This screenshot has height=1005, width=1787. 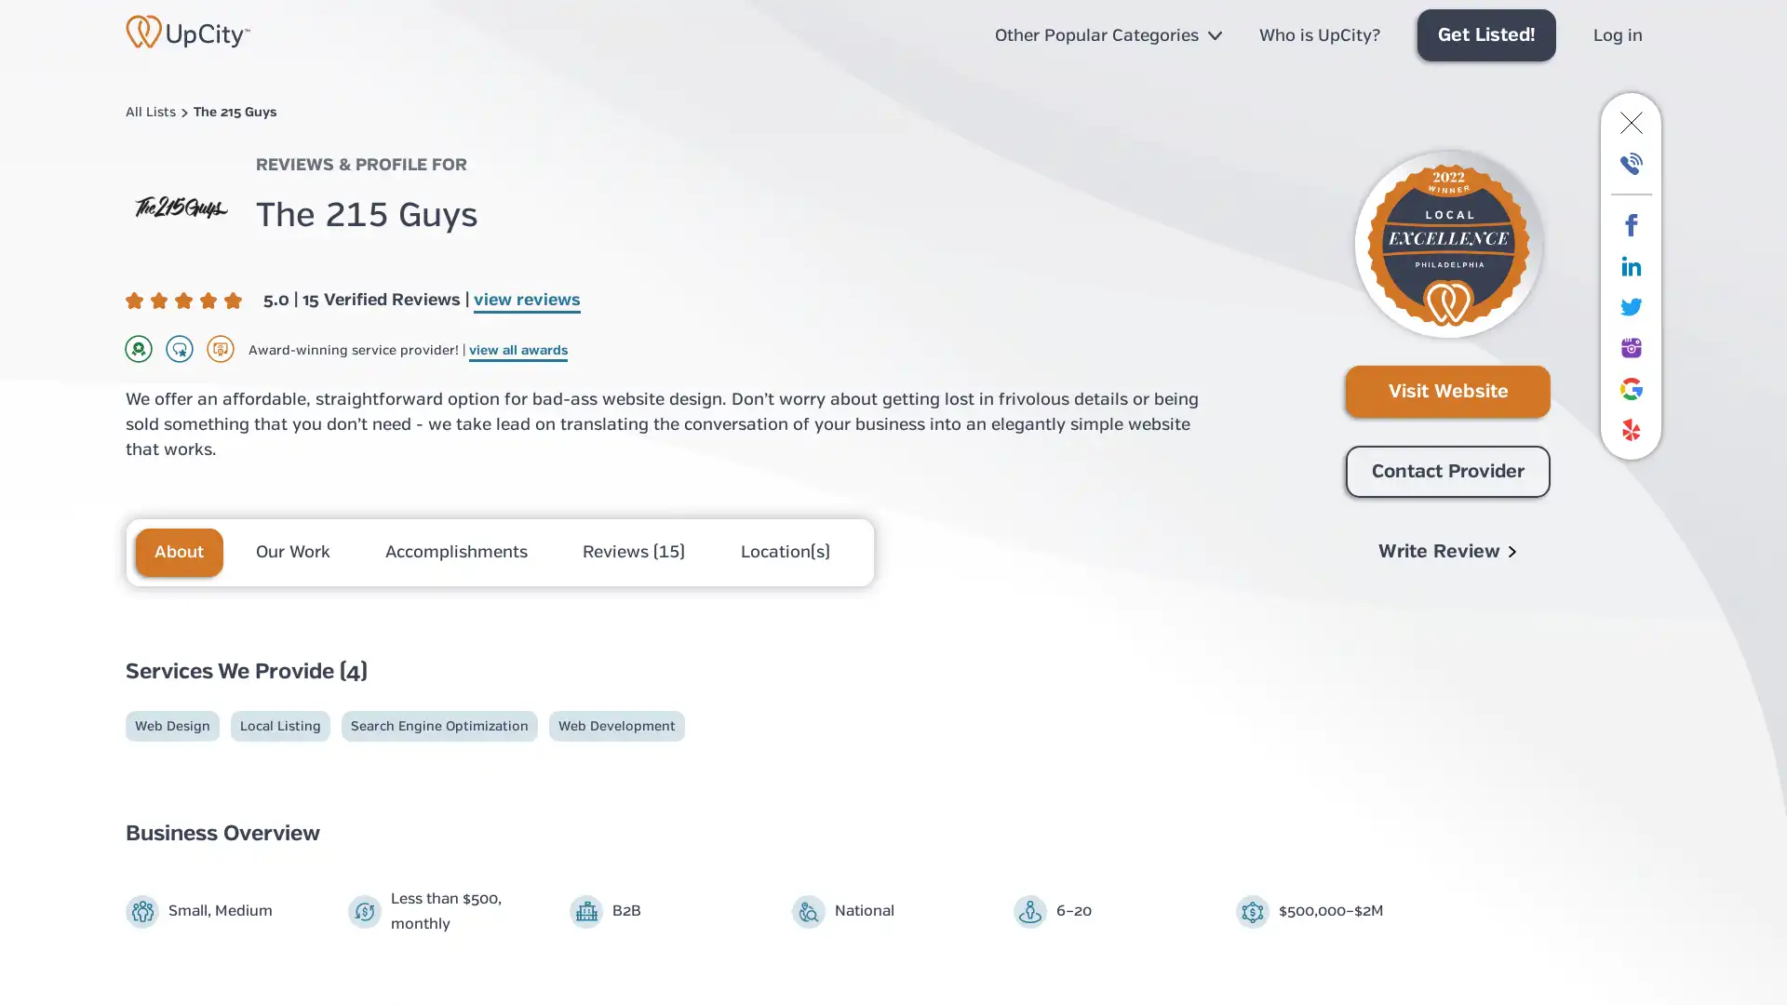 What do you see at coordinates (293, 551) in the screenshot?
I see `Our Work` at bounding box center [293, 551].